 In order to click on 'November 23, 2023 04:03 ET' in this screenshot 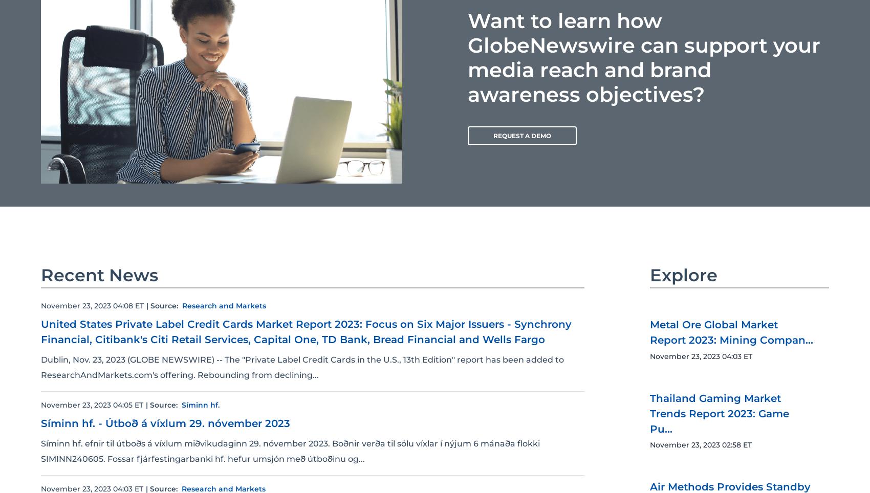, I will do `click(701, 356)`.